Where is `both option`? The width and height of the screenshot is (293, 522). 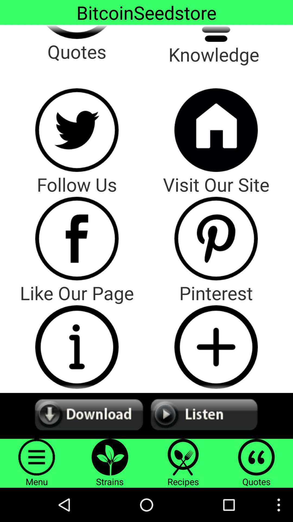
both option is located at coordinates (146, 415).